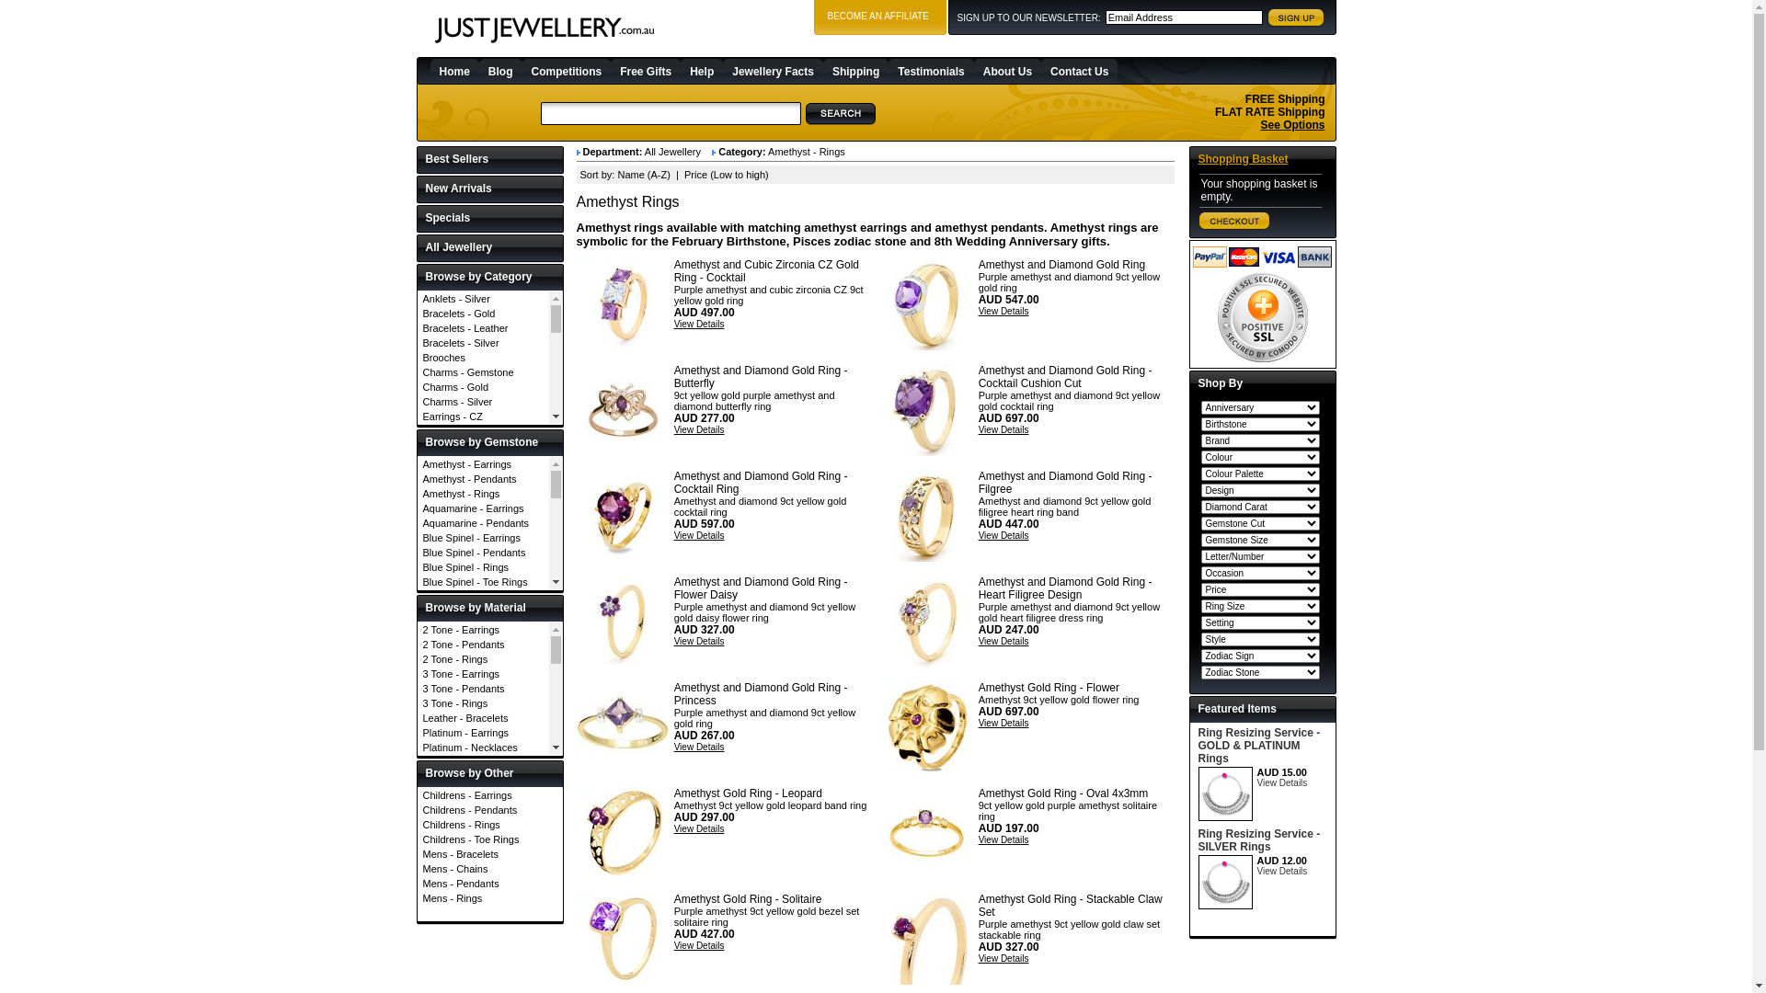  Describe the element at coordinates (761, 694) in the screenshot. I see `'Amethyst and Diamond Gold Ring - Princess'` at that location.